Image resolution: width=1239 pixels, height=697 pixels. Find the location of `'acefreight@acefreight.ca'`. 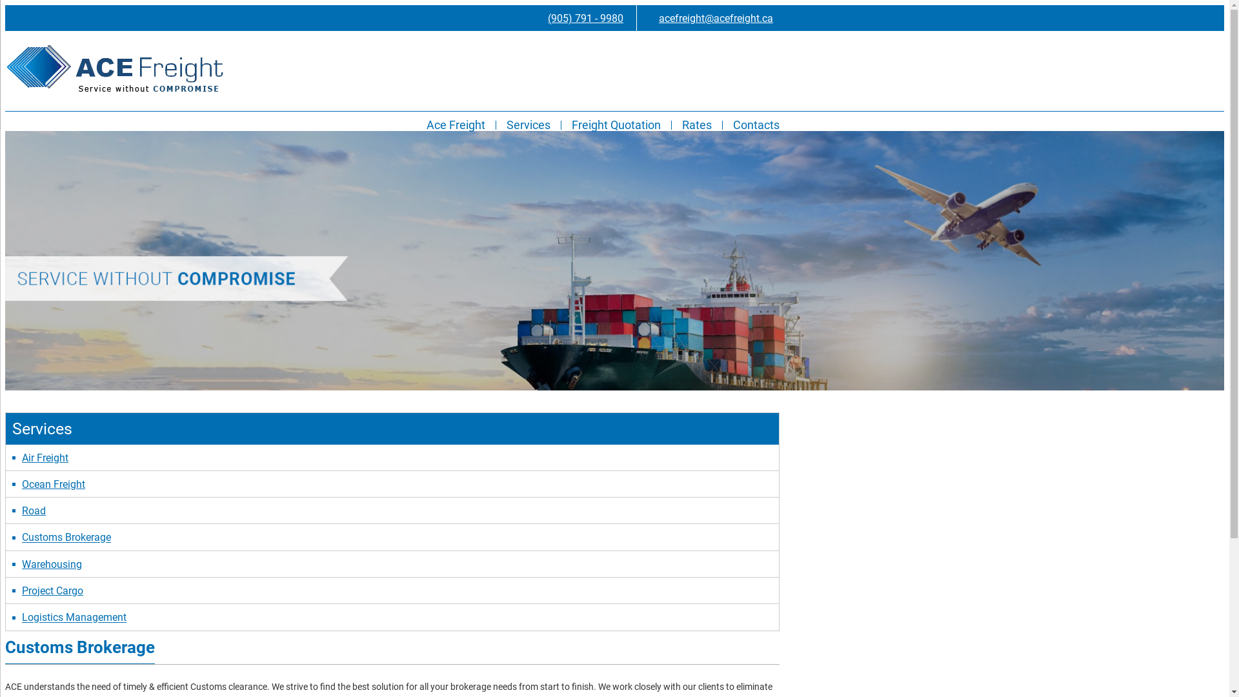

'acefreight@acefreight.ca' is located at coordinates (709, 18).